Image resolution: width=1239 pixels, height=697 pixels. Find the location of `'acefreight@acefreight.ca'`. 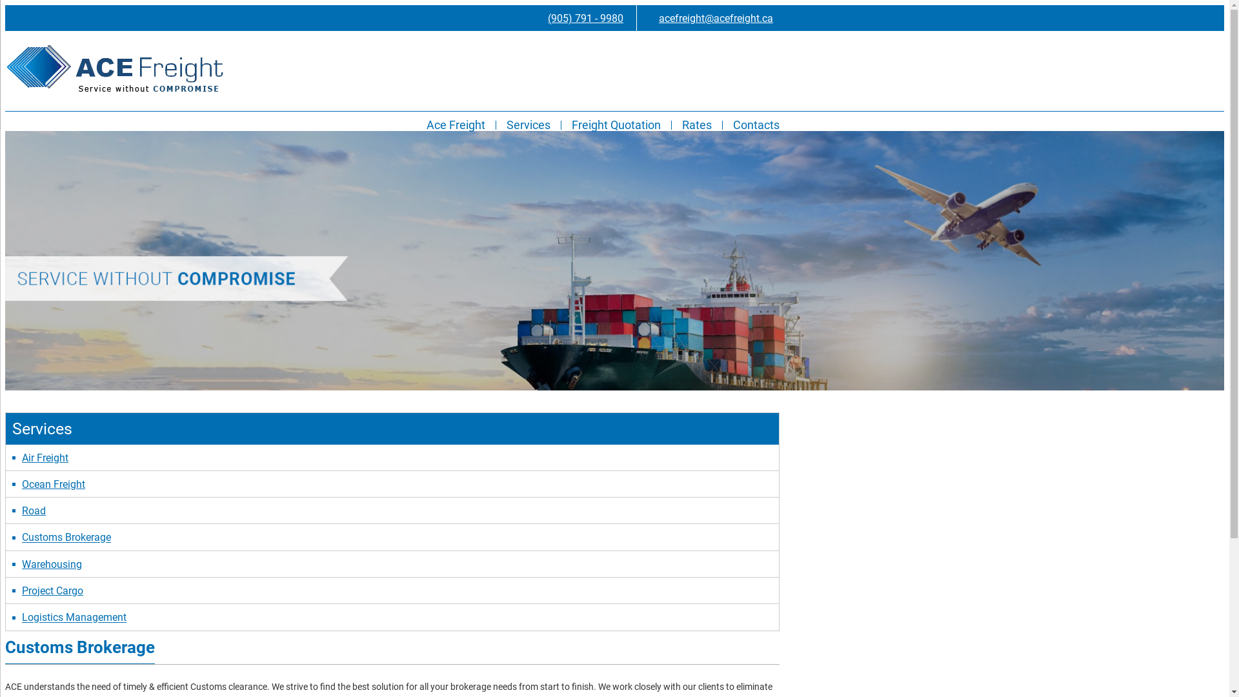

'acefreight@acefreight.ca' is located at coordinates (709, 18).